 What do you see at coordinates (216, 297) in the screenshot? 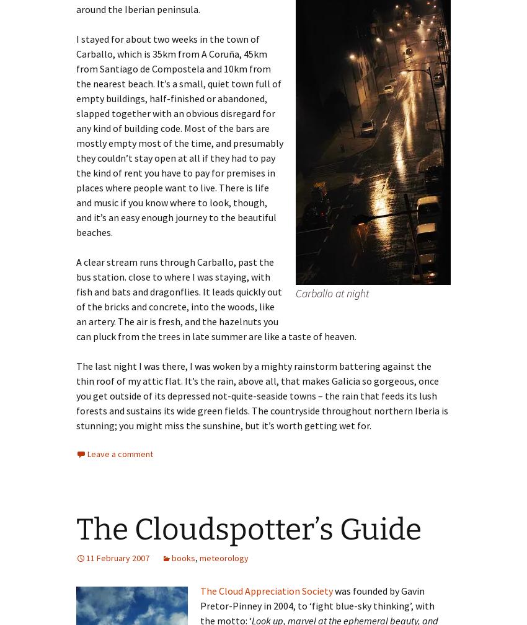
I see `'A clear stream runs through Carballo, past the bus station. close to where I was staying, with fish and bats and dragonflies. It leads quickly out of the bricks and concrete, into the woods, like an artery. The air is fresh, and the hazelnuts you can pluck from the trees in late summer are like a taste of heaven.'` at bounding box center [216, 297].